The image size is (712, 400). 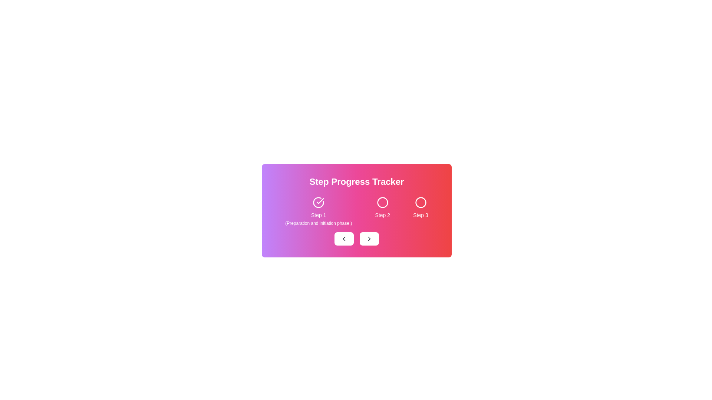 What do you see at coordinates (382, 211) in the screenshot?
I see `the second step indicator label combined with an icon, which is positioned centrally between the first step ('Step 1') and the third step ('Step 3')` at bounding box center [382, 211].